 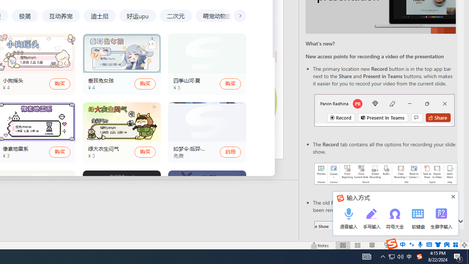 I want to click on 'Record your presentations screenshot one', so click(x=385, y=174).